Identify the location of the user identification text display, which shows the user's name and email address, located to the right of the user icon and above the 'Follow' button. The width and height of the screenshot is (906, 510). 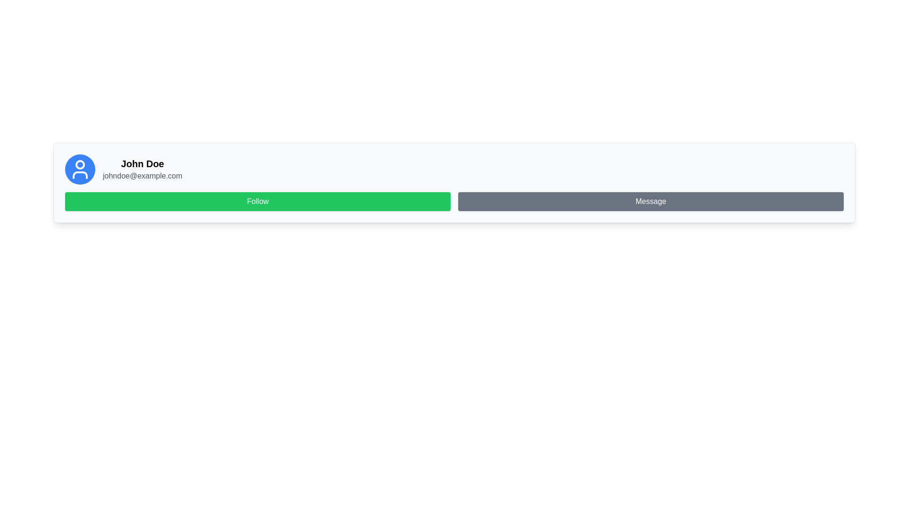
(142, 169).